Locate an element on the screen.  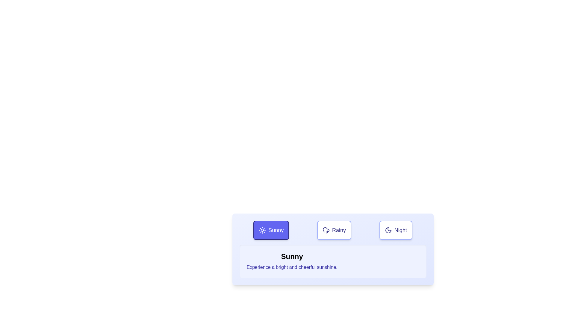
the 'Rainy' button to activate the 'Rainy' mode is located at coordinates (334, 230).